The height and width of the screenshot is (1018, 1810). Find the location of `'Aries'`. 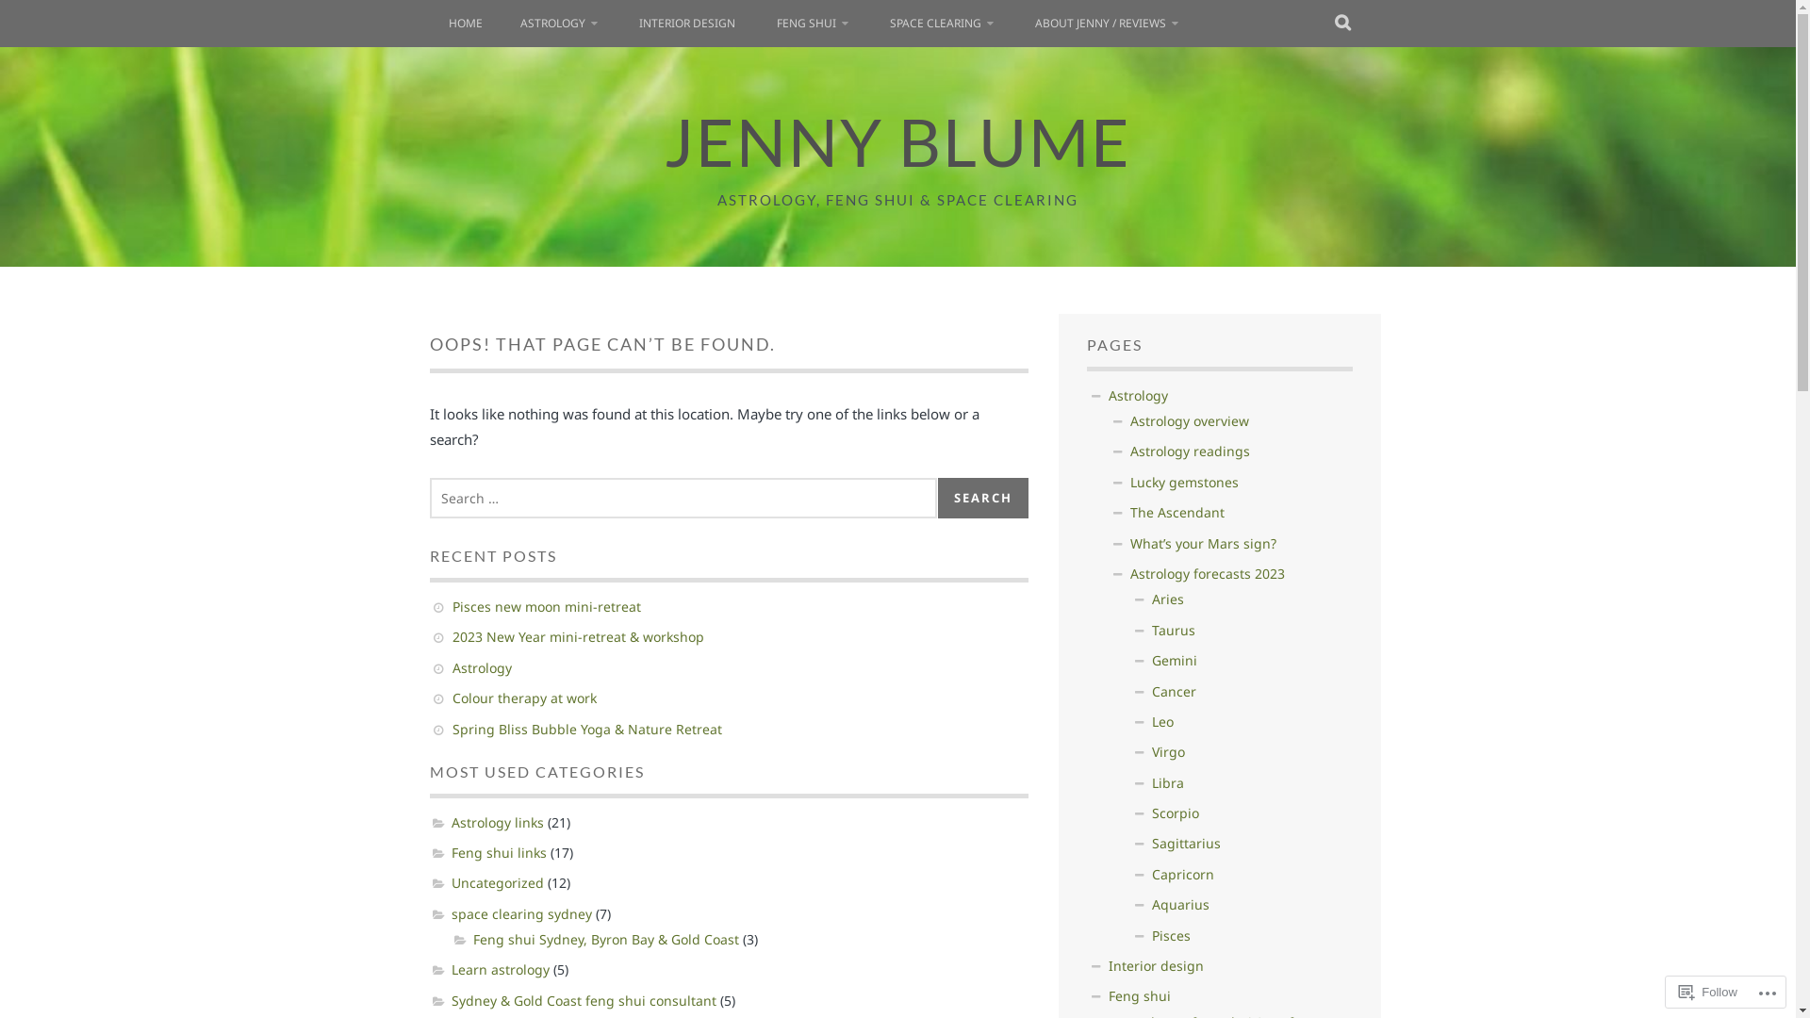

'Aries' is located at coordinates (1166, 599).